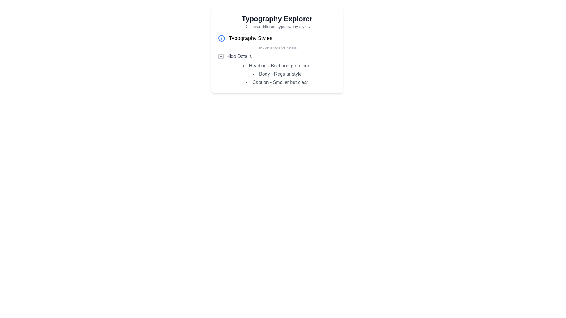 The height and width of the screenshot is (318, 566). I want to click on the bold and prominent Text Label that serves as the first item in a bulleted list within a card-like interface, so click(277, 66).